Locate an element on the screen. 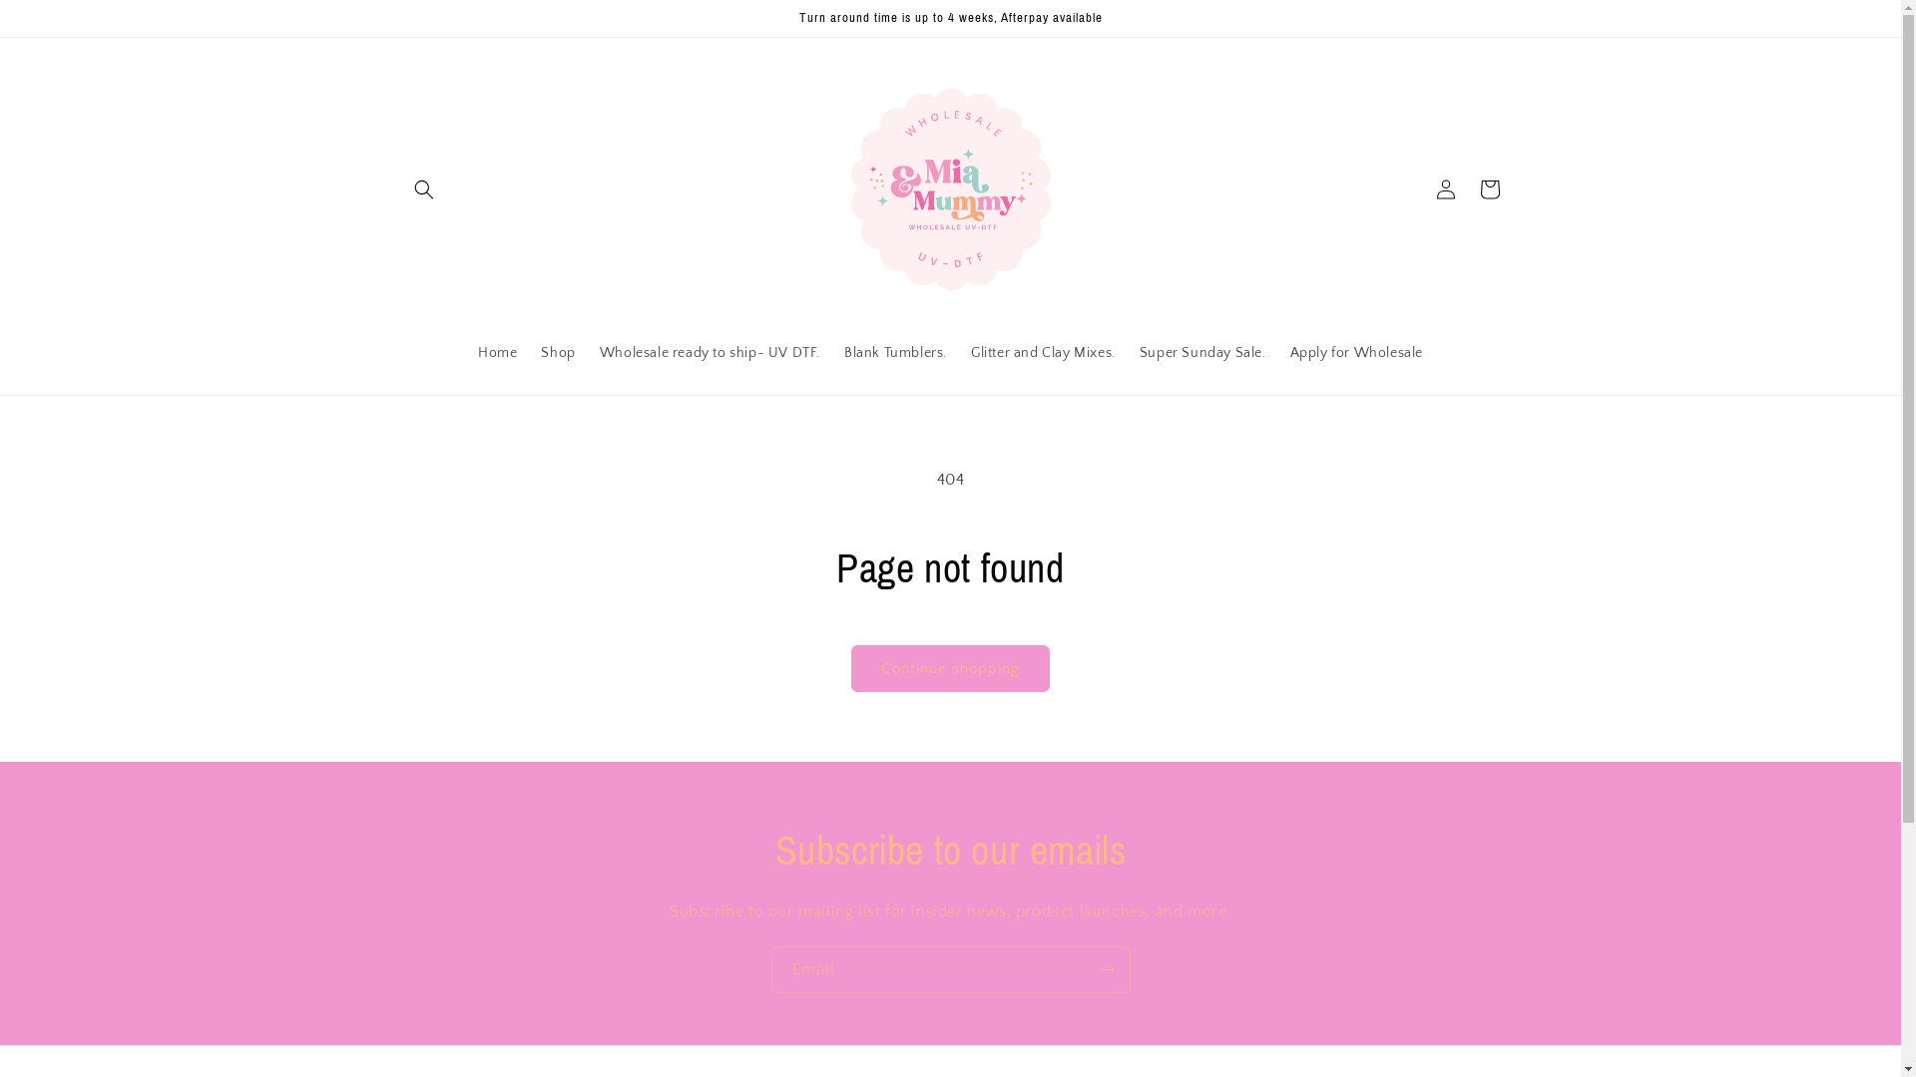 The width and height of the screenshot is (1916, 1077). 'Continue shopping' is located at coordinates (949, 668).